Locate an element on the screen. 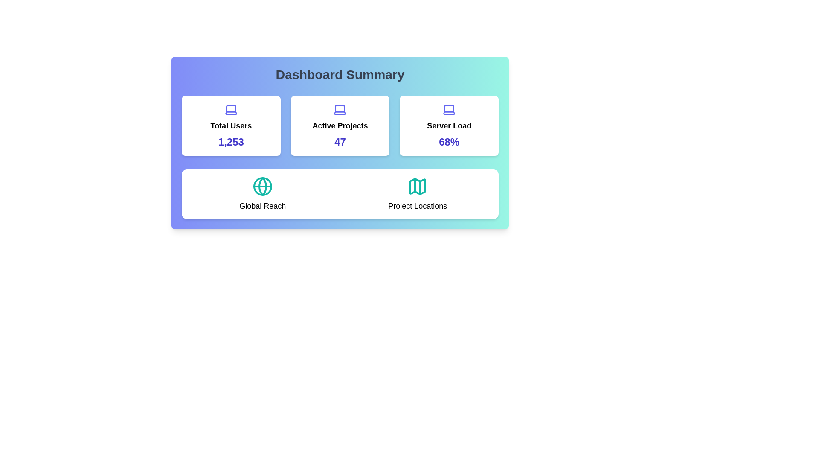 This screenshot has width=819, height=461. the leftmost label with icon indicating global reach perspective, located under the summary boxes in the dashboard is located at coordinates (262, 194).